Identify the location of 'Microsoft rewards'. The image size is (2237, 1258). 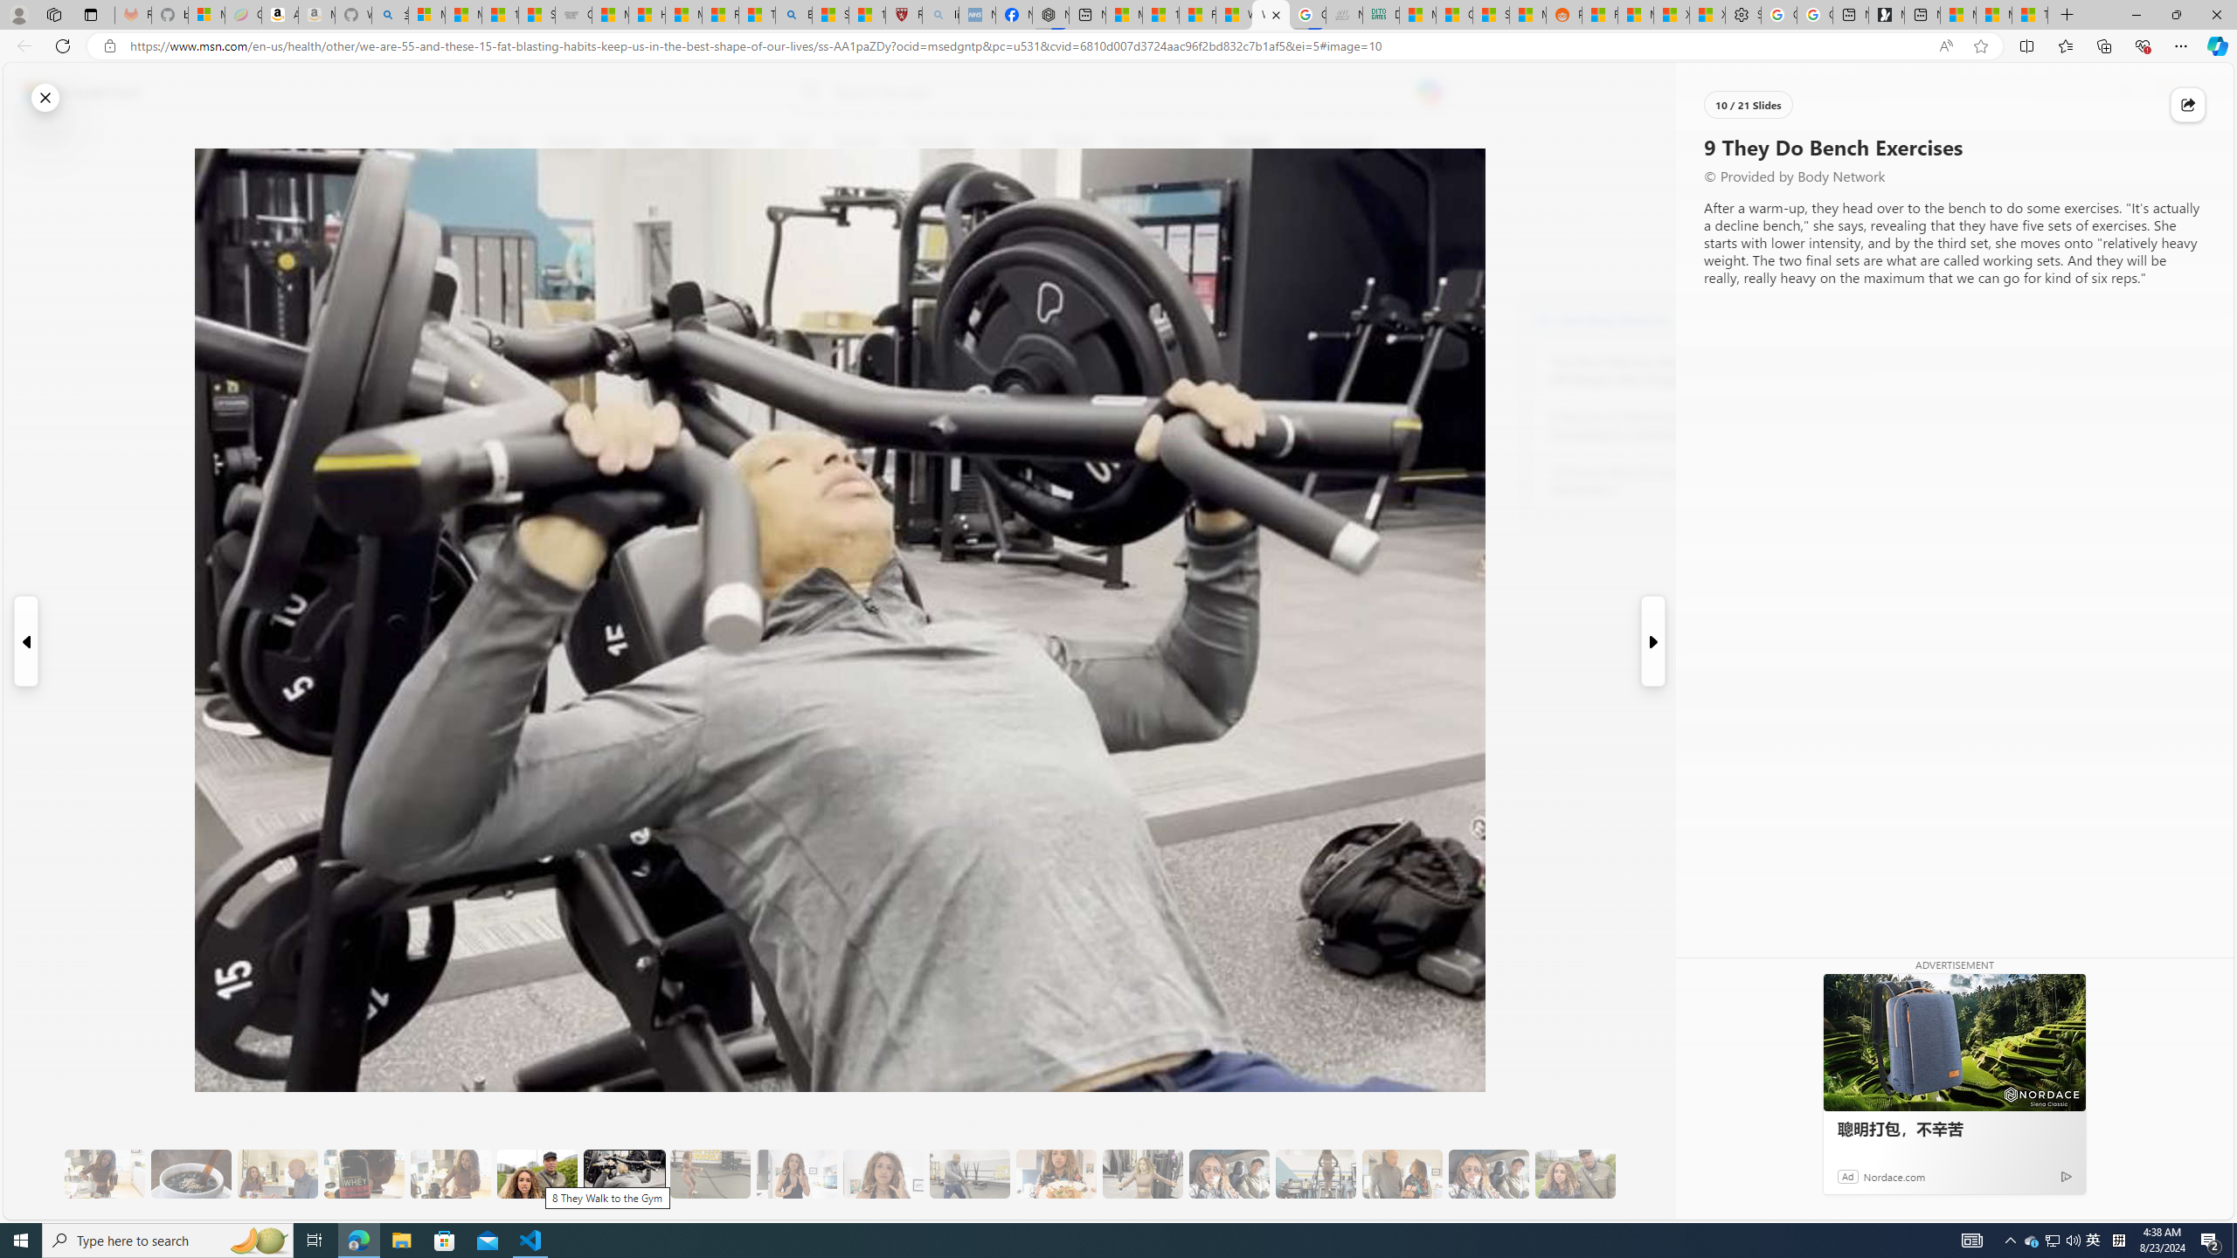
(2124, 93).